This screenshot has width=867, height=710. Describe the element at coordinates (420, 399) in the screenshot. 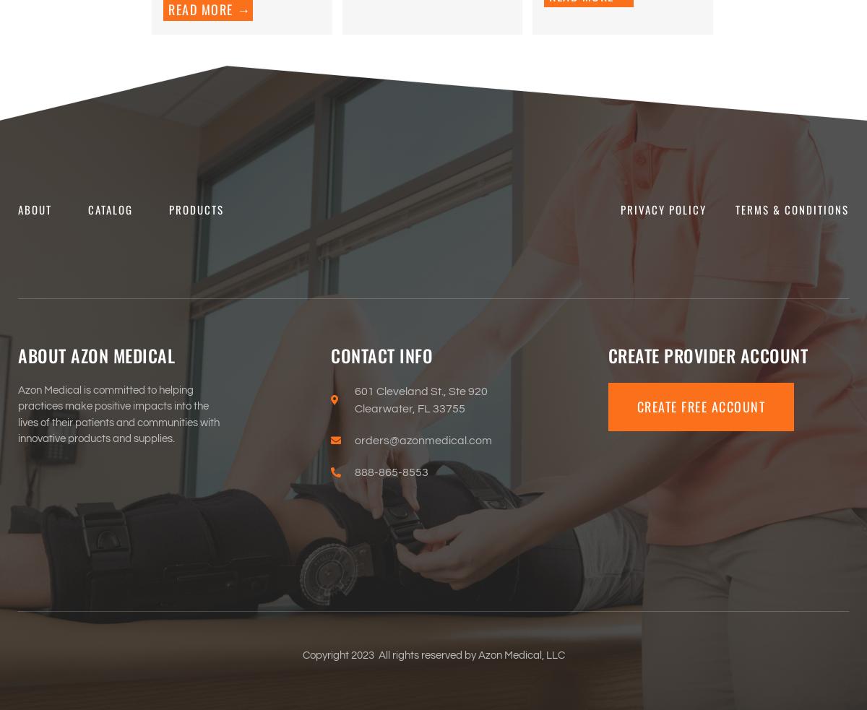

I see `'601 Cleveland St., Ste 920 Clearwater, FL 33755'` at that location.